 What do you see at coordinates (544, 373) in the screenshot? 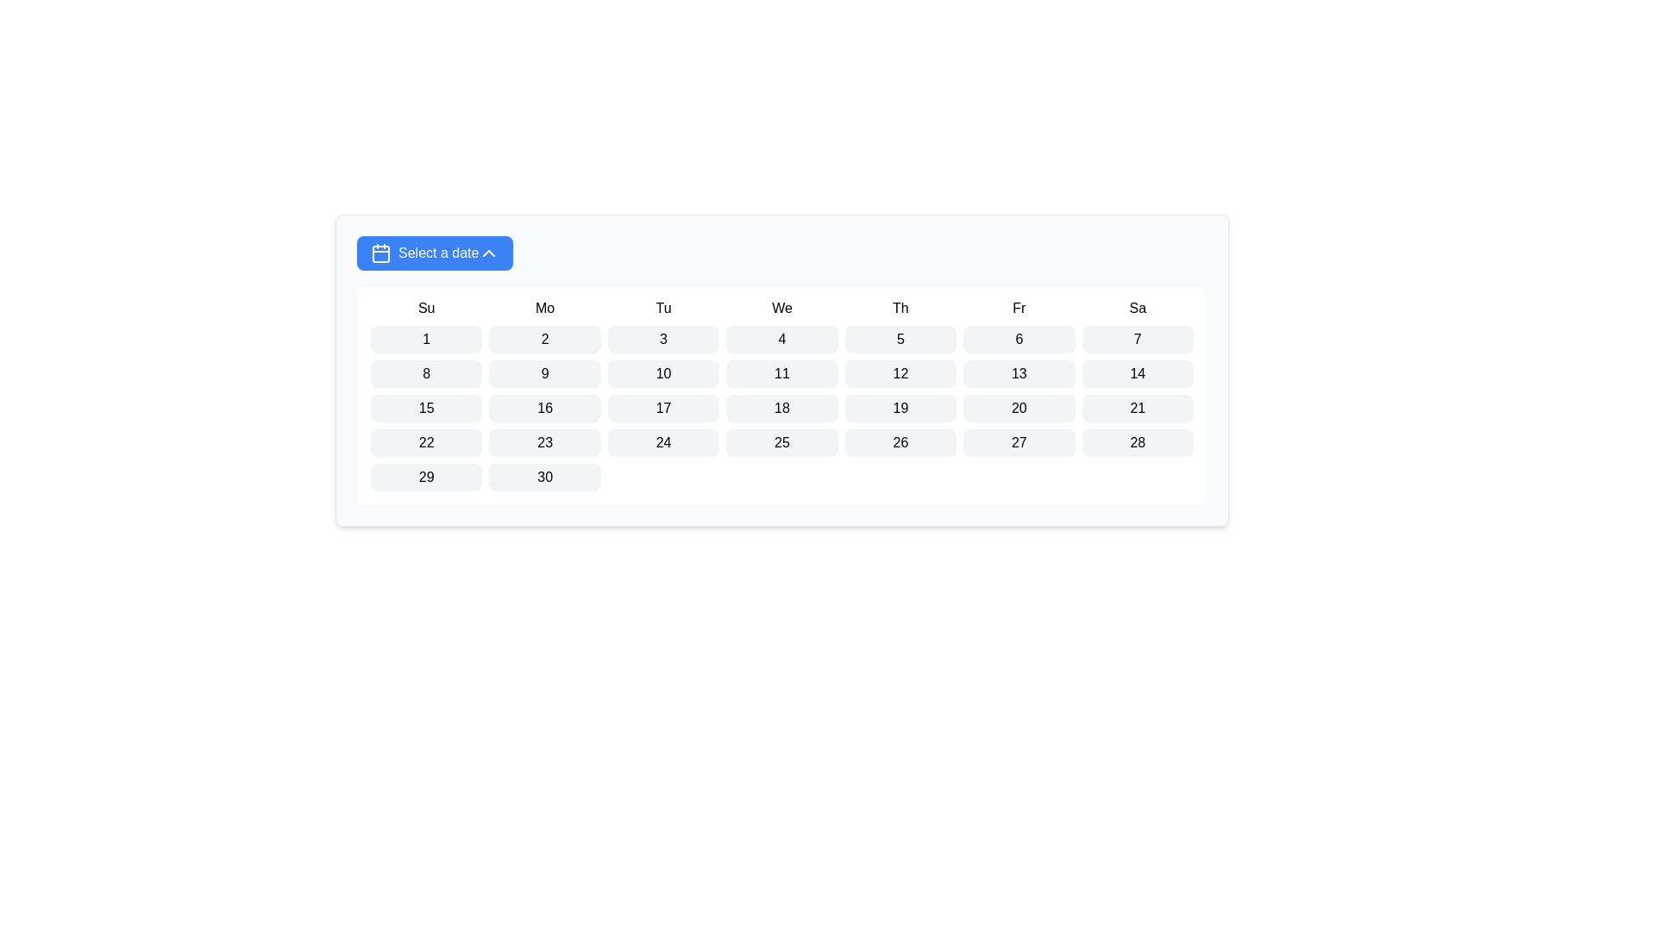
I see `the button representing the date '9' in the calendar widget` at bounding box center [544, 373].